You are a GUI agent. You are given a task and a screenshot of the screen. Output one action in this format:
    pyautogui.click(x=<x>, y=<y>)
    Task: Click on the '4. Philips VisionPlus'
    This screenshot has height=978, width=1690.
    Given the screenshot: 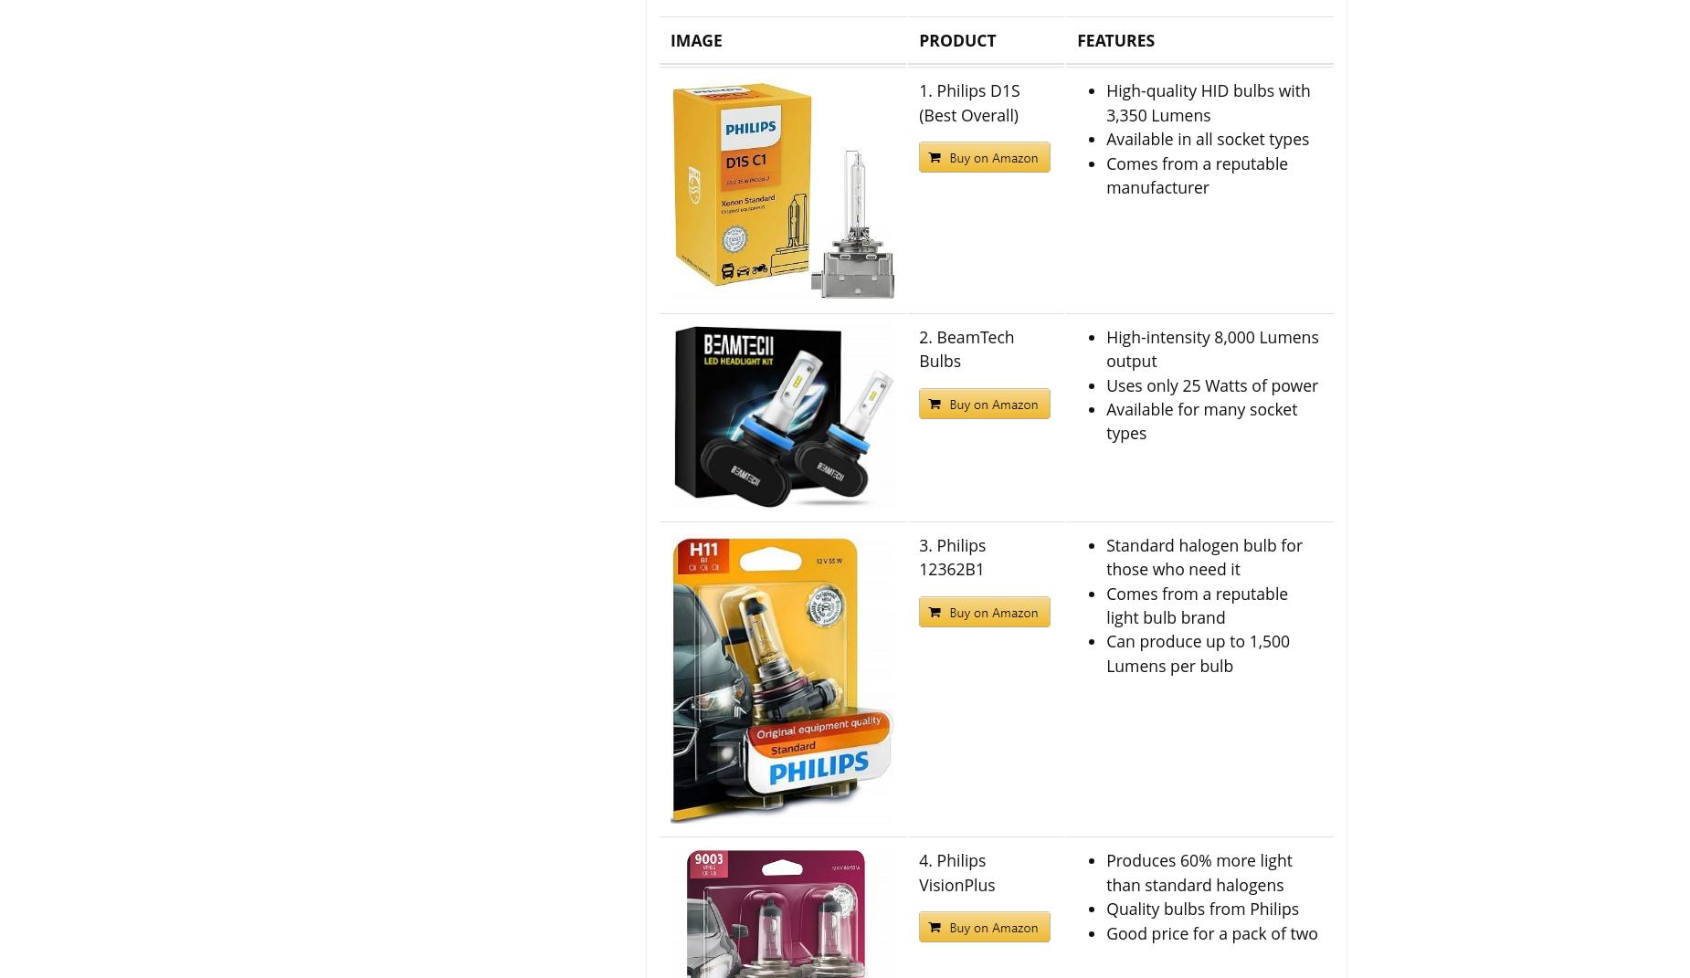 What is the action you would take?
    pyautogui.click(x=956, y=871)
    